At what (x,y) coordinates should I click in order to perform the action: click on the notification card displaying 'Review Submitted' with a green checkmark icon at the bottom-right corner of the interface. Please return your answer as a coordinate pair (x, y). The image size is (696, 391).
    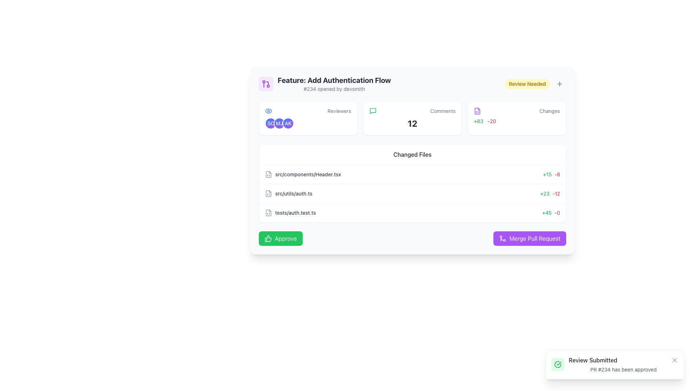
    Looking at the image, I should click on (614, 364).